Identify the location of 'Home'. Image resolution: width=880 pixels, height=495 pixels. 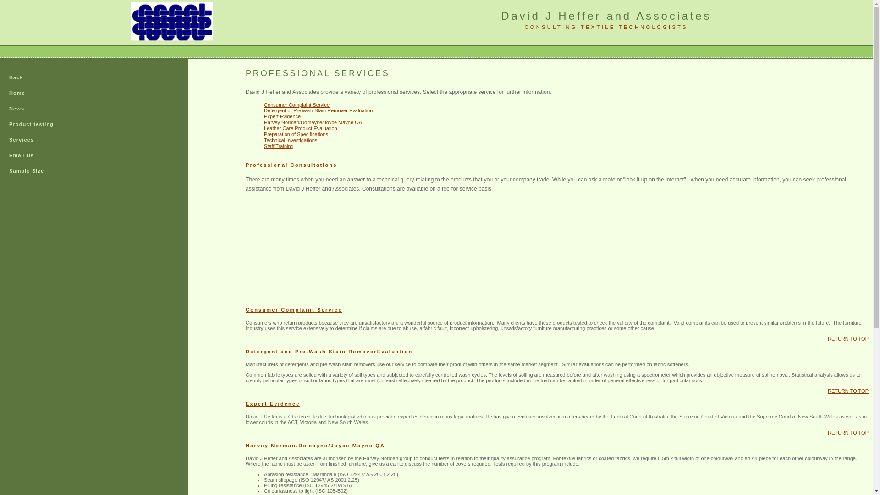
(37, 93).